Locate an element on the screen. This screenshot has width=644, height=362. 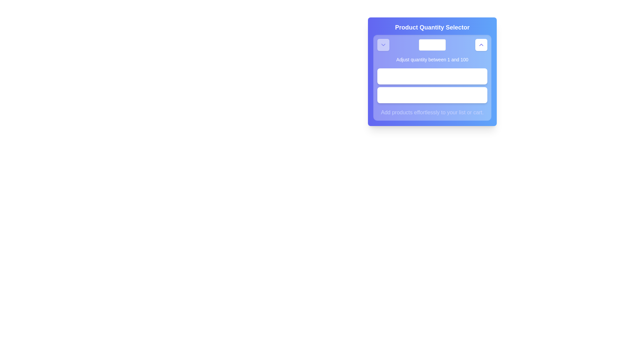
the quantity is located at coordinates (429, 76).